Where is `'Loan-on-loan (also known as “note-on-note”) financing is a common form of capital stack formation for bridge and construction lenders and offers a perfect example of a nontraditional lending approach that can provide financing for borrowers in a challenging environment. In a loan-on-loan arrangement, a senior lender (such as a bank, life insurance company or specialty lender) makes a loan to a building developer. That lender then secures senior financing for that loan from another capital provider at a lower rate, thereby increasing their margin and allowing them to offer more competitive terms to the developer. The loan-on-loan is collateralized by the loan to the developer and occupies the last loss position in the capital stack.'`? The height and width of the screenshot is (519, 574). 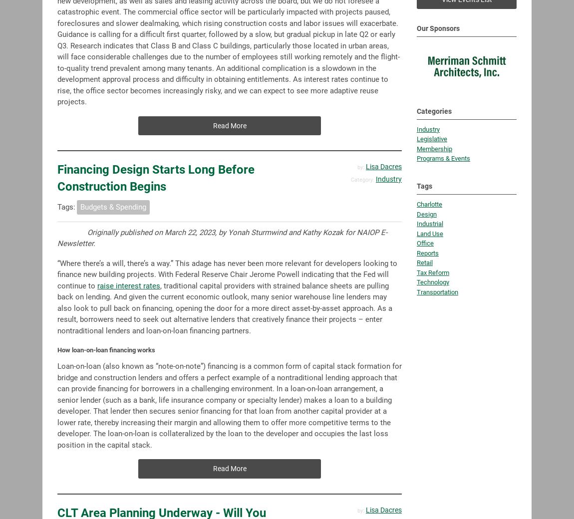 'Loan-on-loan (also known as “note-on-note”) financing is a common form of capital stack formation for bridge and construction lenders and offers a perfect example of a nontraditional lending approach that can provide financing for borrowers in a challenging environment. In a loan-on-loan arrangement, a senior lender (such as a bank, life insurance company or specialty lender) makes a loan to a building developer. That lender then secures senior financing for that loan from another capital provider at a lower rate, thereby increasing their margin and allowing them to offer more competitive terms to the developer. The loan-on-loan is collateralized by the loan to the developer and occupies the last loss position in the capital stack.' is located at coordinates (230, 405).